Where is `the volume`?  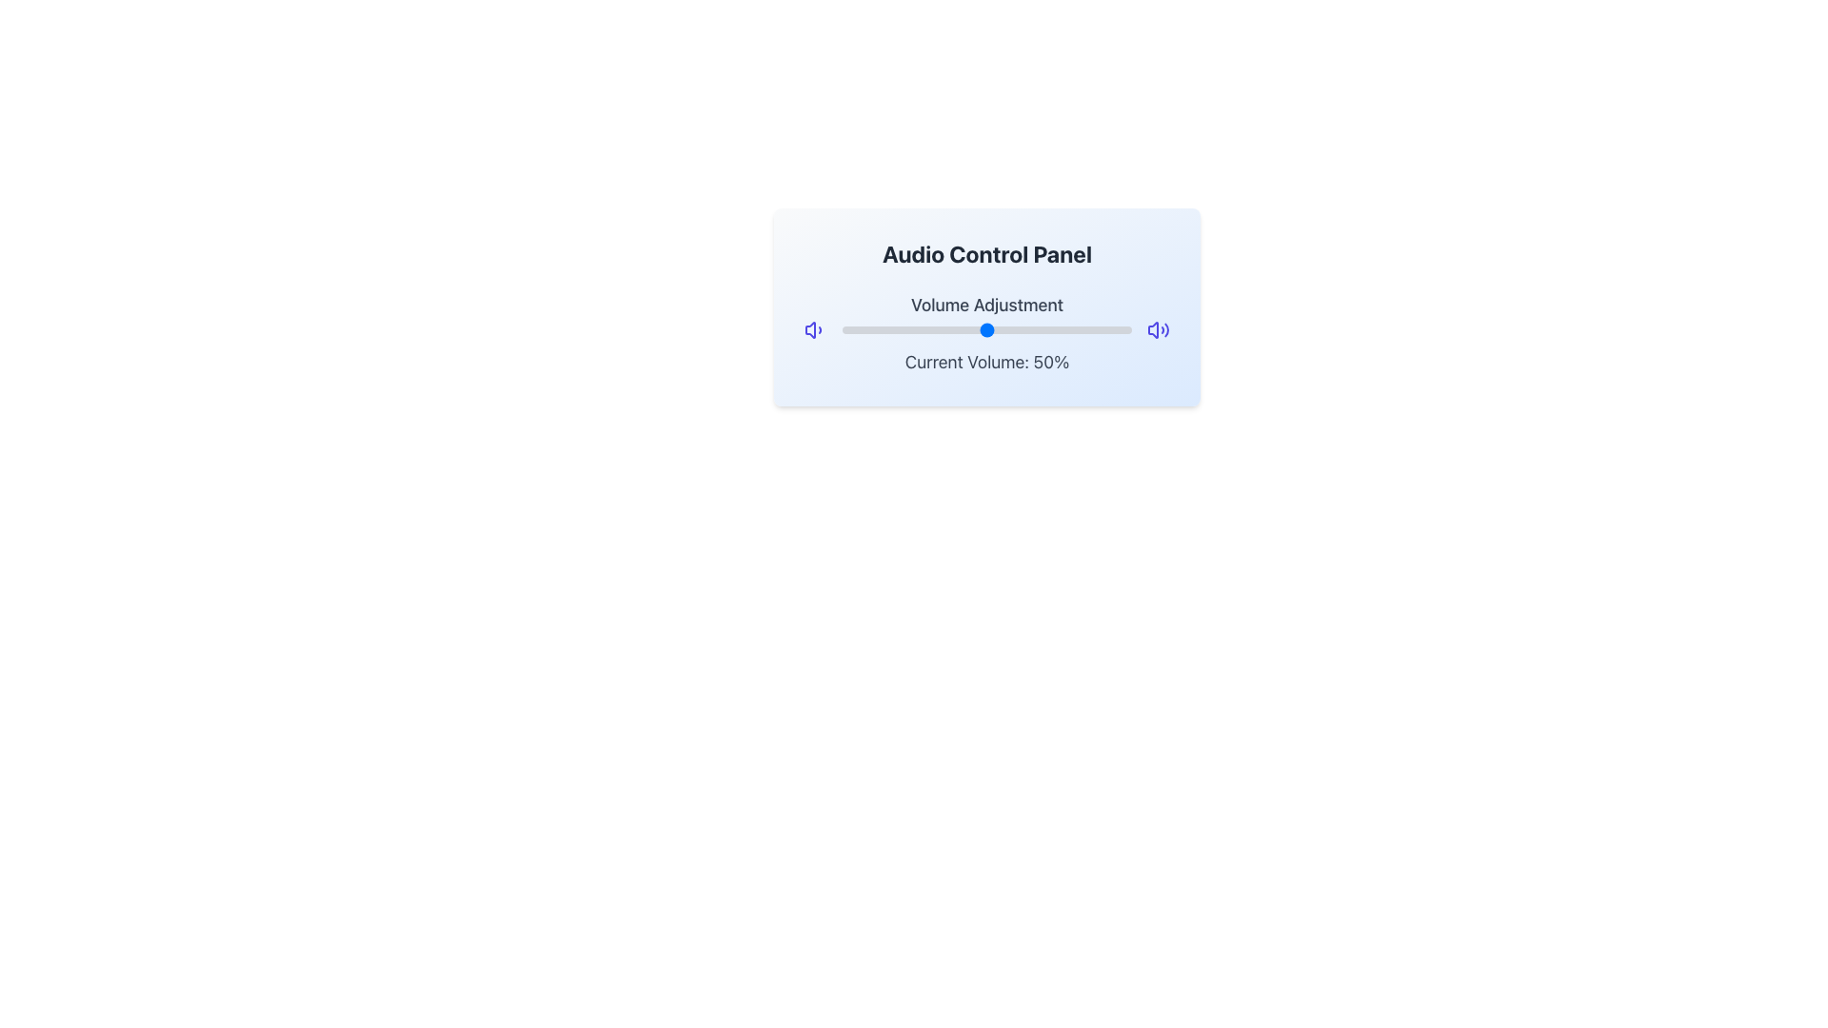
the volume is located at coordinates (992, 326).